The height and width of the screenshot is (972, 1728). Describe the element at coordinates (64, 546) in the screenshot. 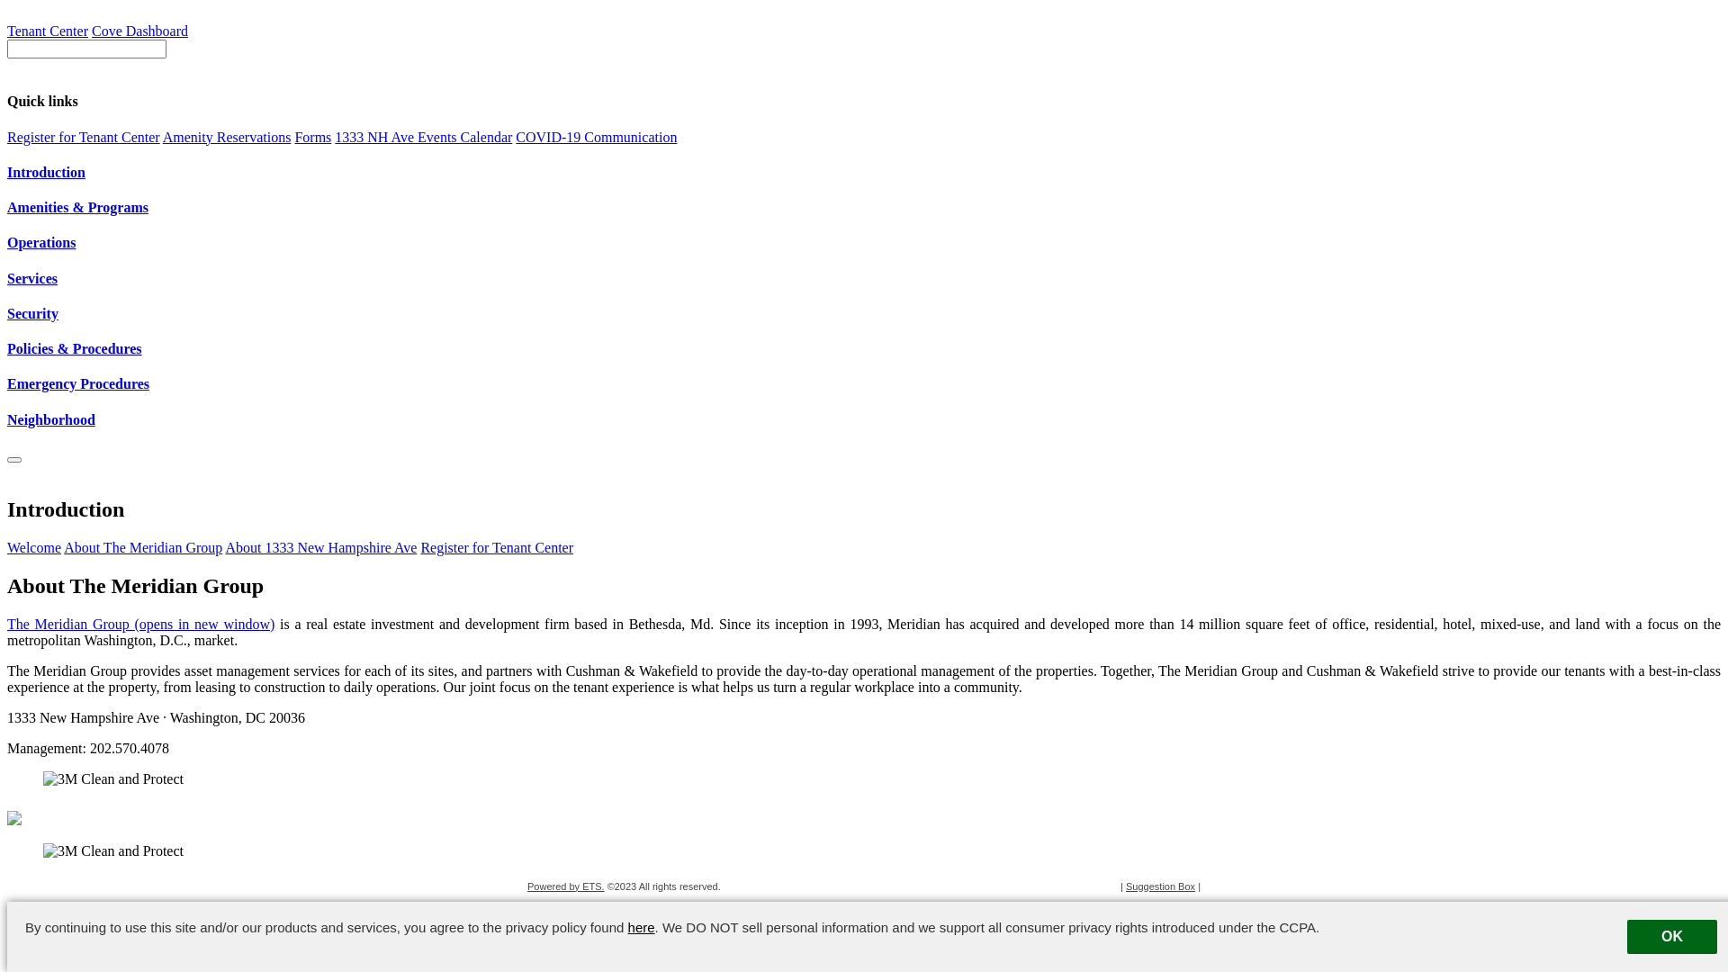

I see `'About The Meridian Group'` at that location.